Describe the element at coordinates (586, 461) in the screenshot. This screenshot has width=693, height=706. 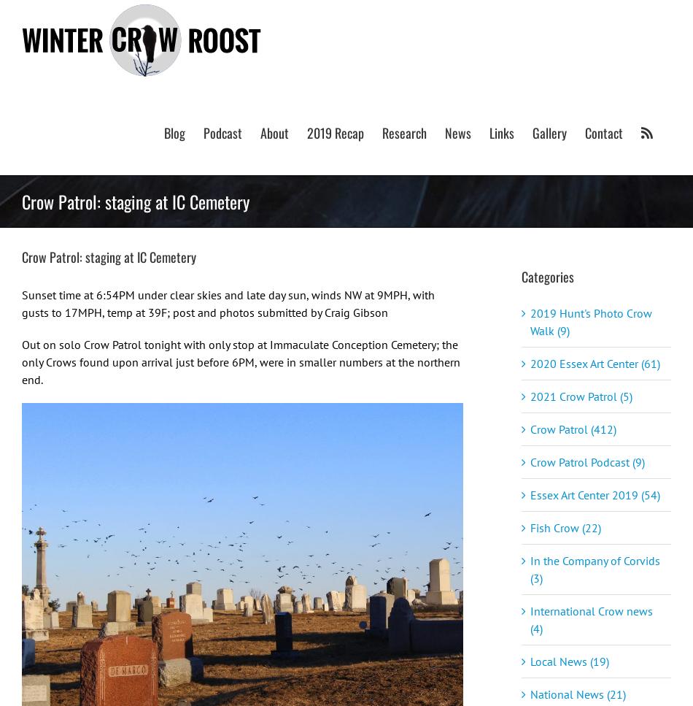
I see `'Crow Patrol Podcast (9)'` at that location.